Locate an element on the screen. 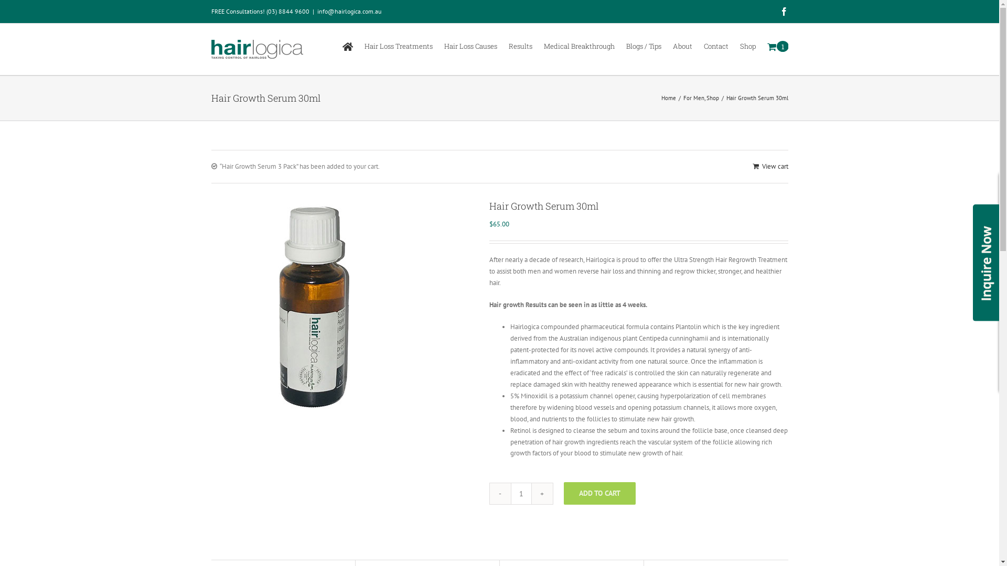  'About' is located at coordinates (682, 45).